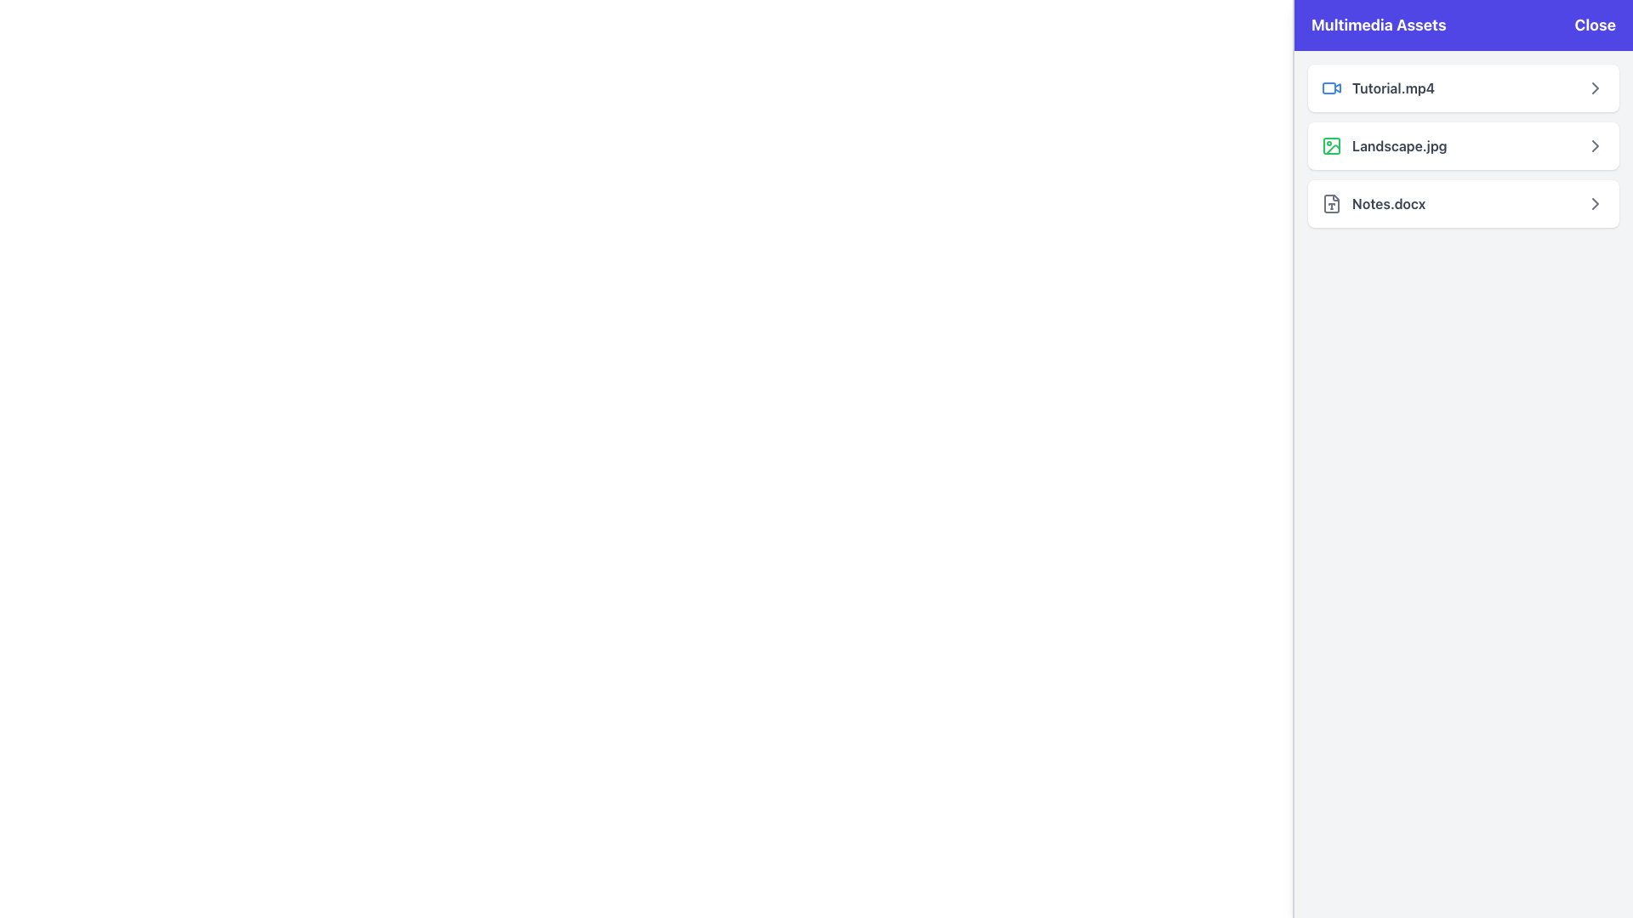  Describe the element at coordinates (1330, 145) in the screenshot. I see `the square with rounded corners that serves as the base graphical component of the icon, located to the left of the 'Landscape.jpg' text label in the 'Multimedia Assets' panel` at that location.